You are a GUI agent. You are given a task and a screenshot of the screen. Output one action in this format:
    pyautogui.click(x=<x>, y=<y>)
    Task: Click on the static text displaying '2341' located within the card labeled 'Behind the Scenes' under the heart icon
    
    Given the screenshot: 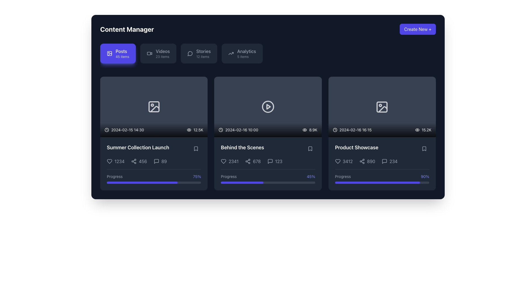 What is the action you would take?
    pyautogui.click(x=234, y=161)
    